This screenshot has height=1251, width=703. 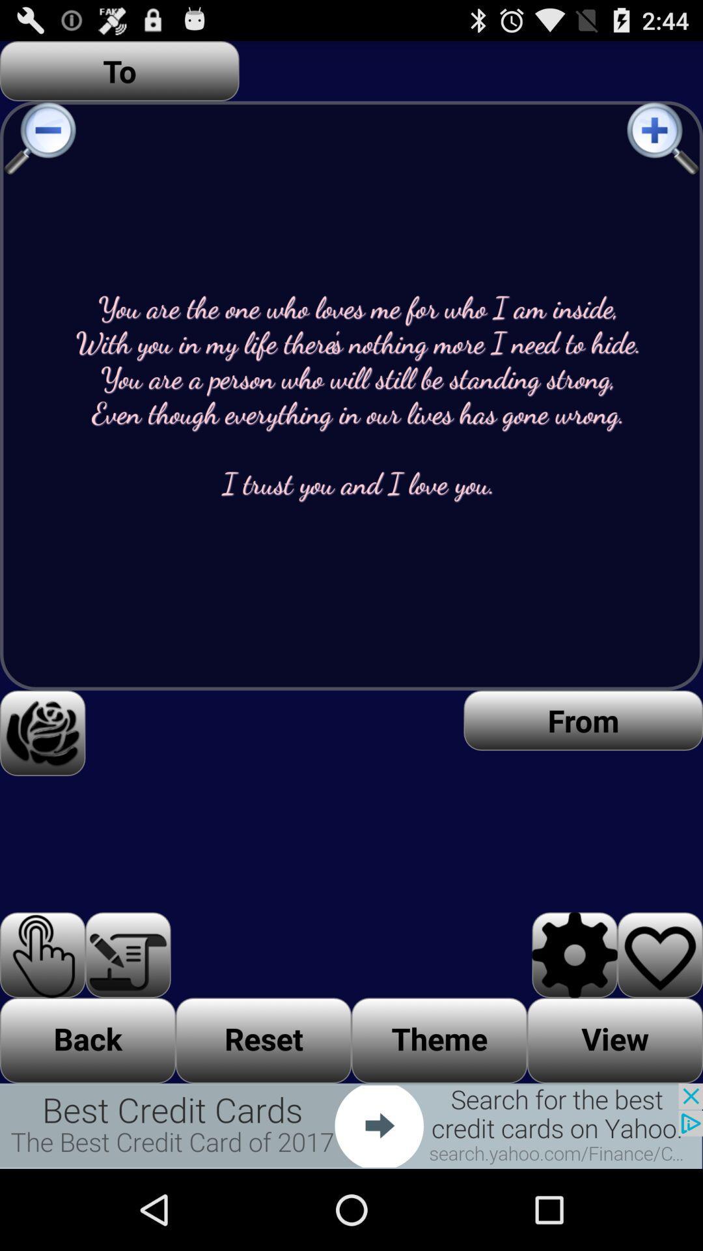 I want to click on the button is next buttons, so click(x=351, y=1125).